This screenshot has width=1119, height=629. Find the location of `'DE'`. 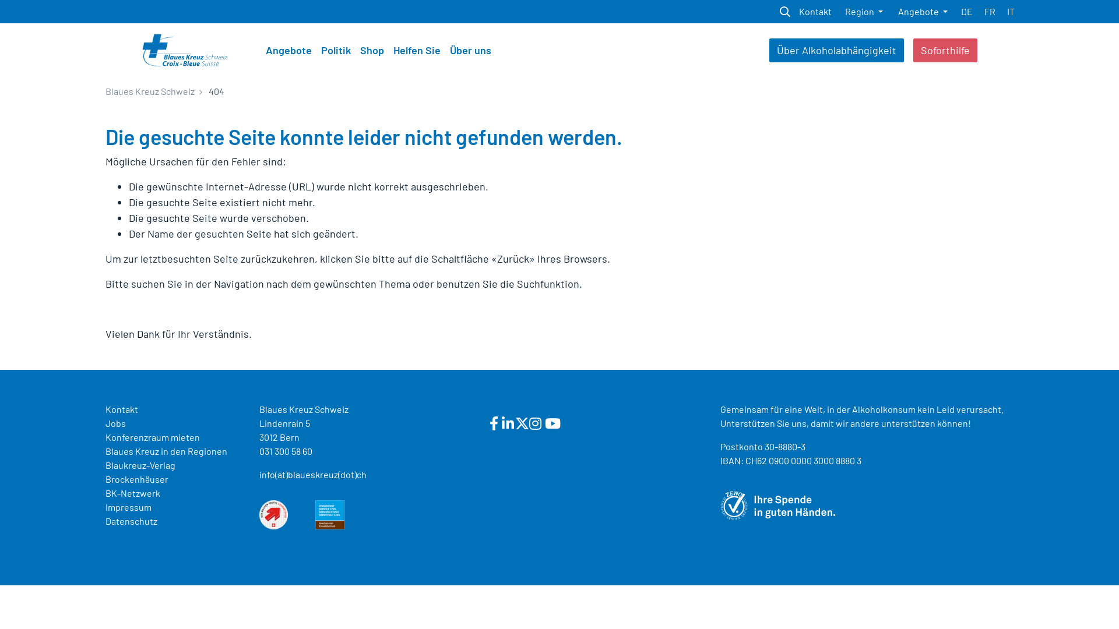

'DE' is located at coordinates (967, 11).